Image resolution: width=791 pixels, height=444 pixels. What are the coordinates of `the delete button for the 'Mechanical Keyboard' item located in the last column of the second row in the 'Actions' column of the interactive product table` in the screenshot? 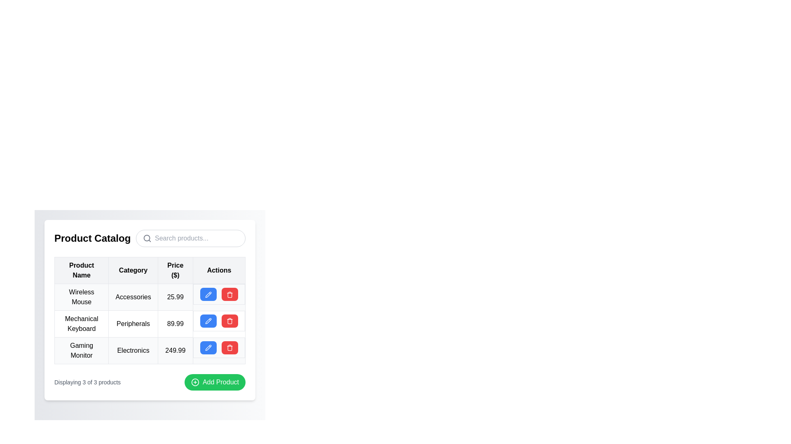 It's located at (229, 320).